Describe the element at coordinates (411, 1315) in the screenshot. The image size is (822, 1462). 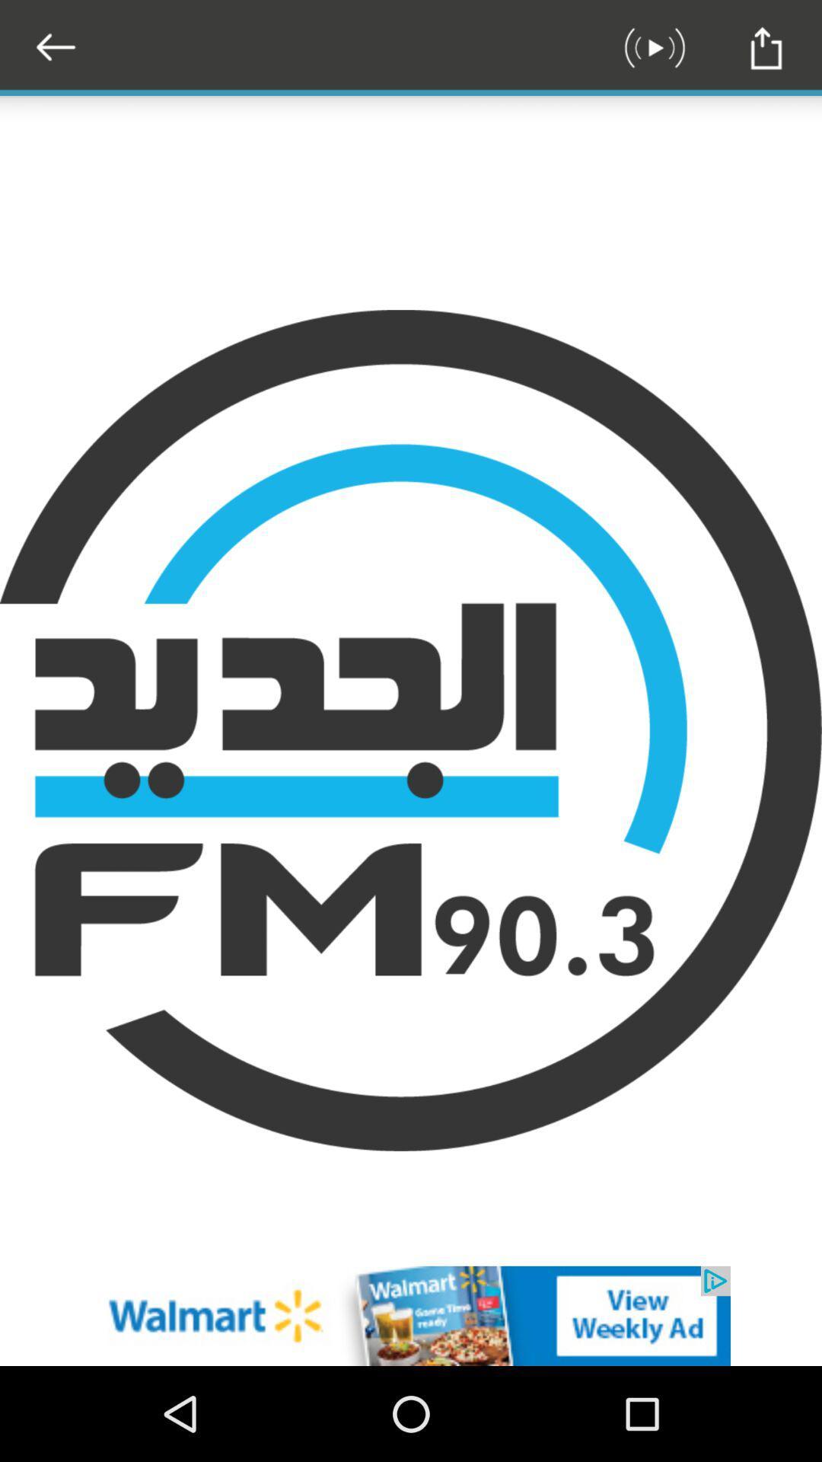
I see `the option` at that location.